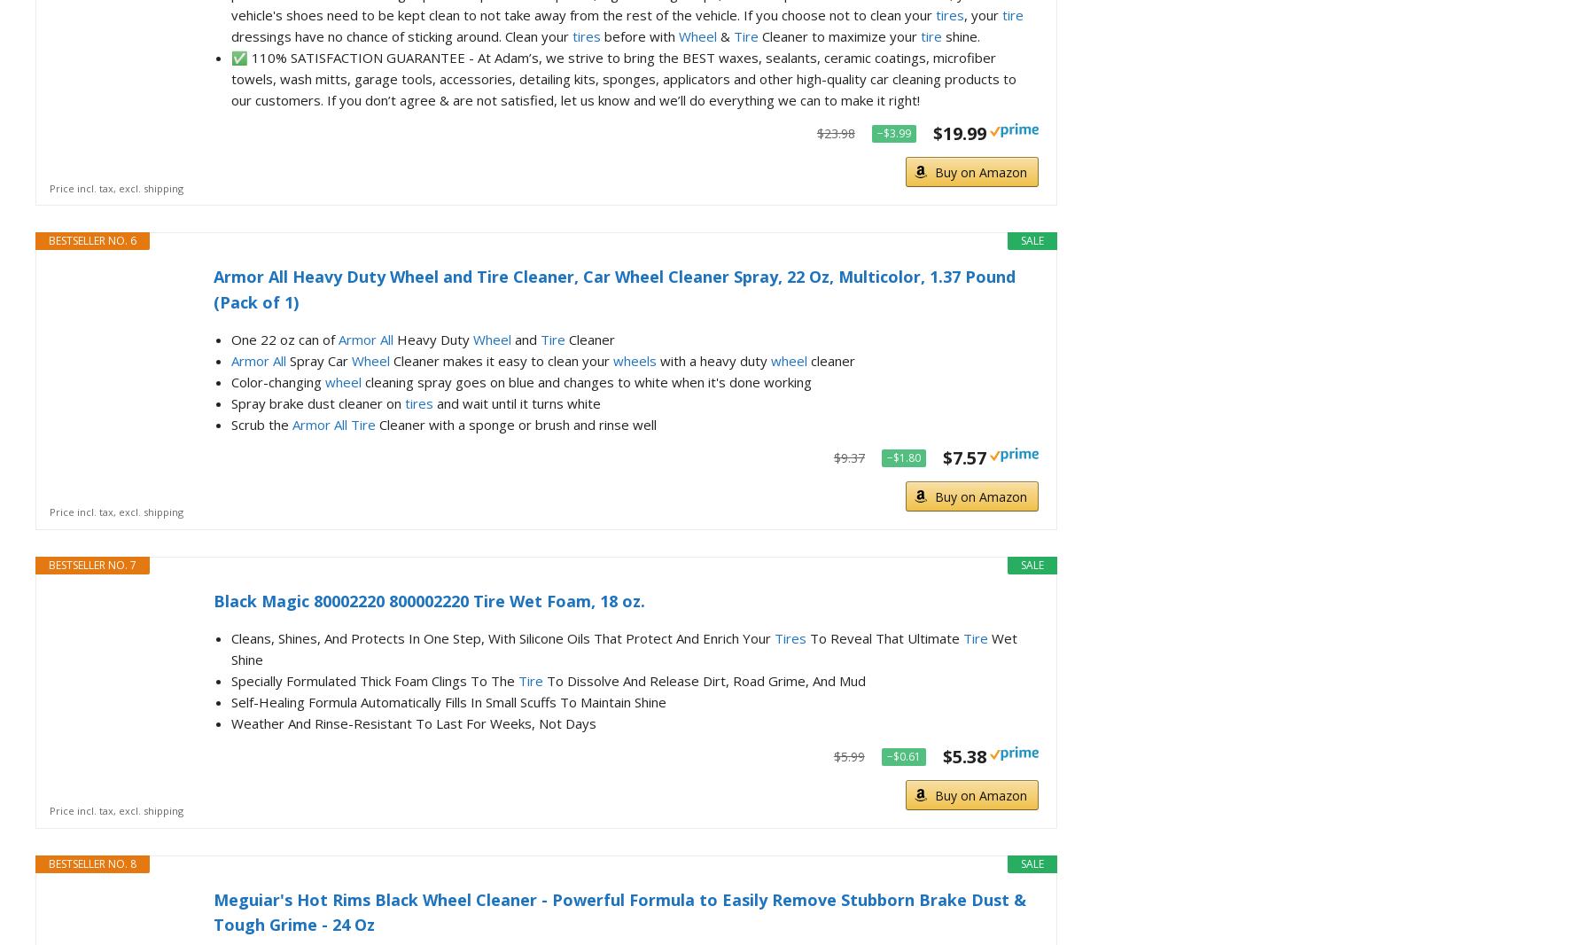 This screenshot has height=945, width=1581. I want to click on '−$3.99', so click(892, 132).